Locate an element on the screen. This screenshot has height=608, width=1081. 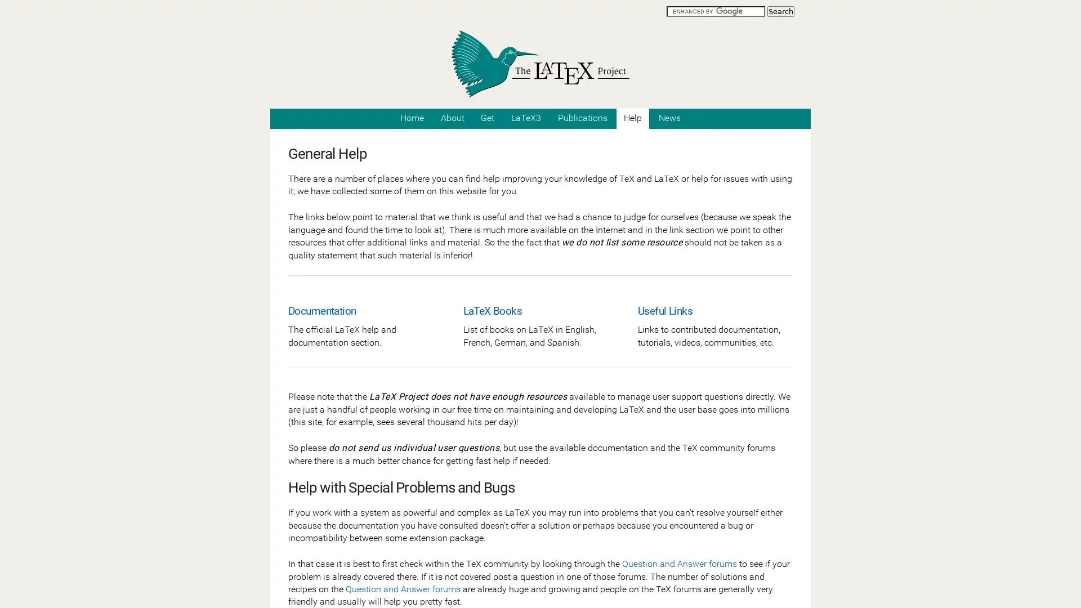
Search is located at coordinates (780, 11).